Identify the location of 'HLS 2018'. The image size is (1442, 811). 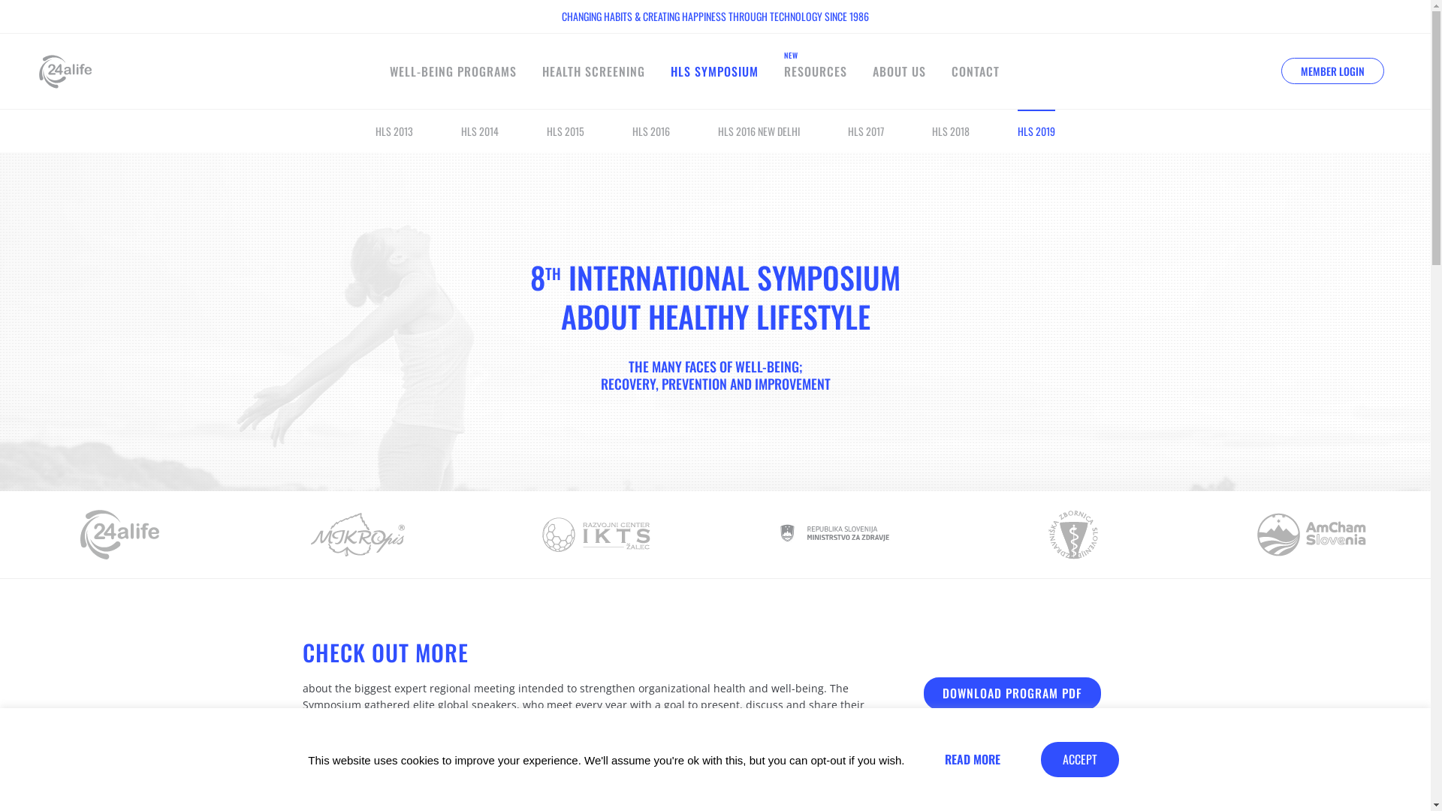
(950, 130).